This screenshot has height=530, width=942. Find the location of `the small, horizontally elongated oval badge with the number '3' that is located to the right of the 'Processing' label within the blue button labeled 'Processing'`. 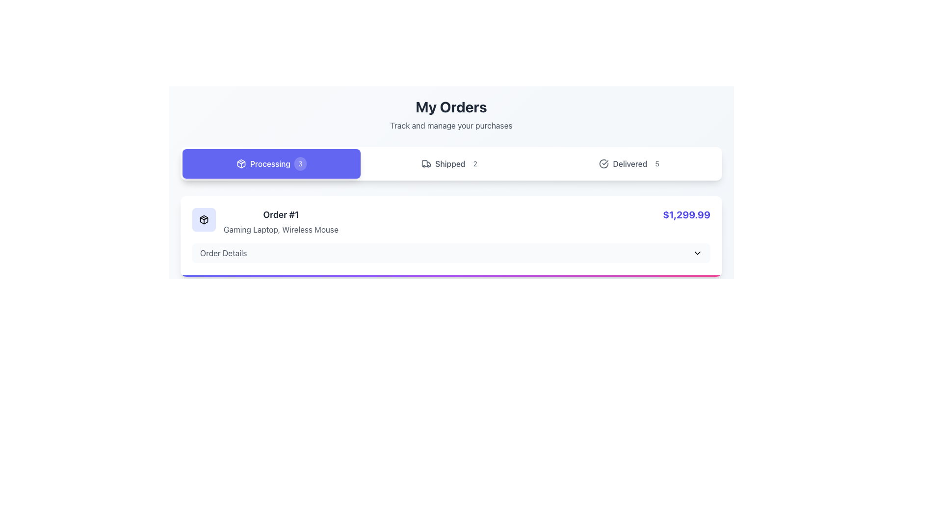

the small, horizontally elongated oval badge with the number '3' that is located to the right of the 'Processing' label within the blue button labeled 'Processing' is located at coordinates (300, 163).